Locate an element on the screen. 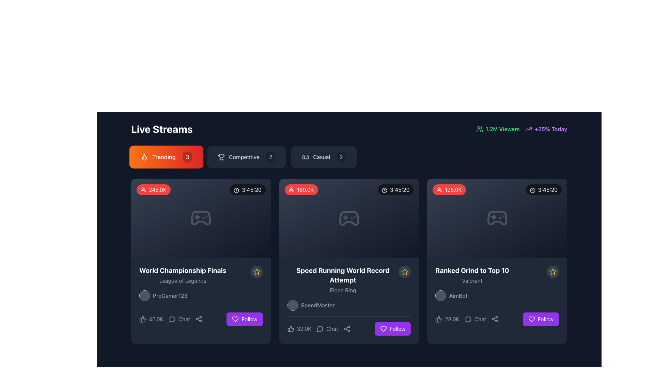  the share button located in the bottom bar of the 'Ranked Grind to Top 10' card, which is the third icon from the left is located at coordinates (495, 319).